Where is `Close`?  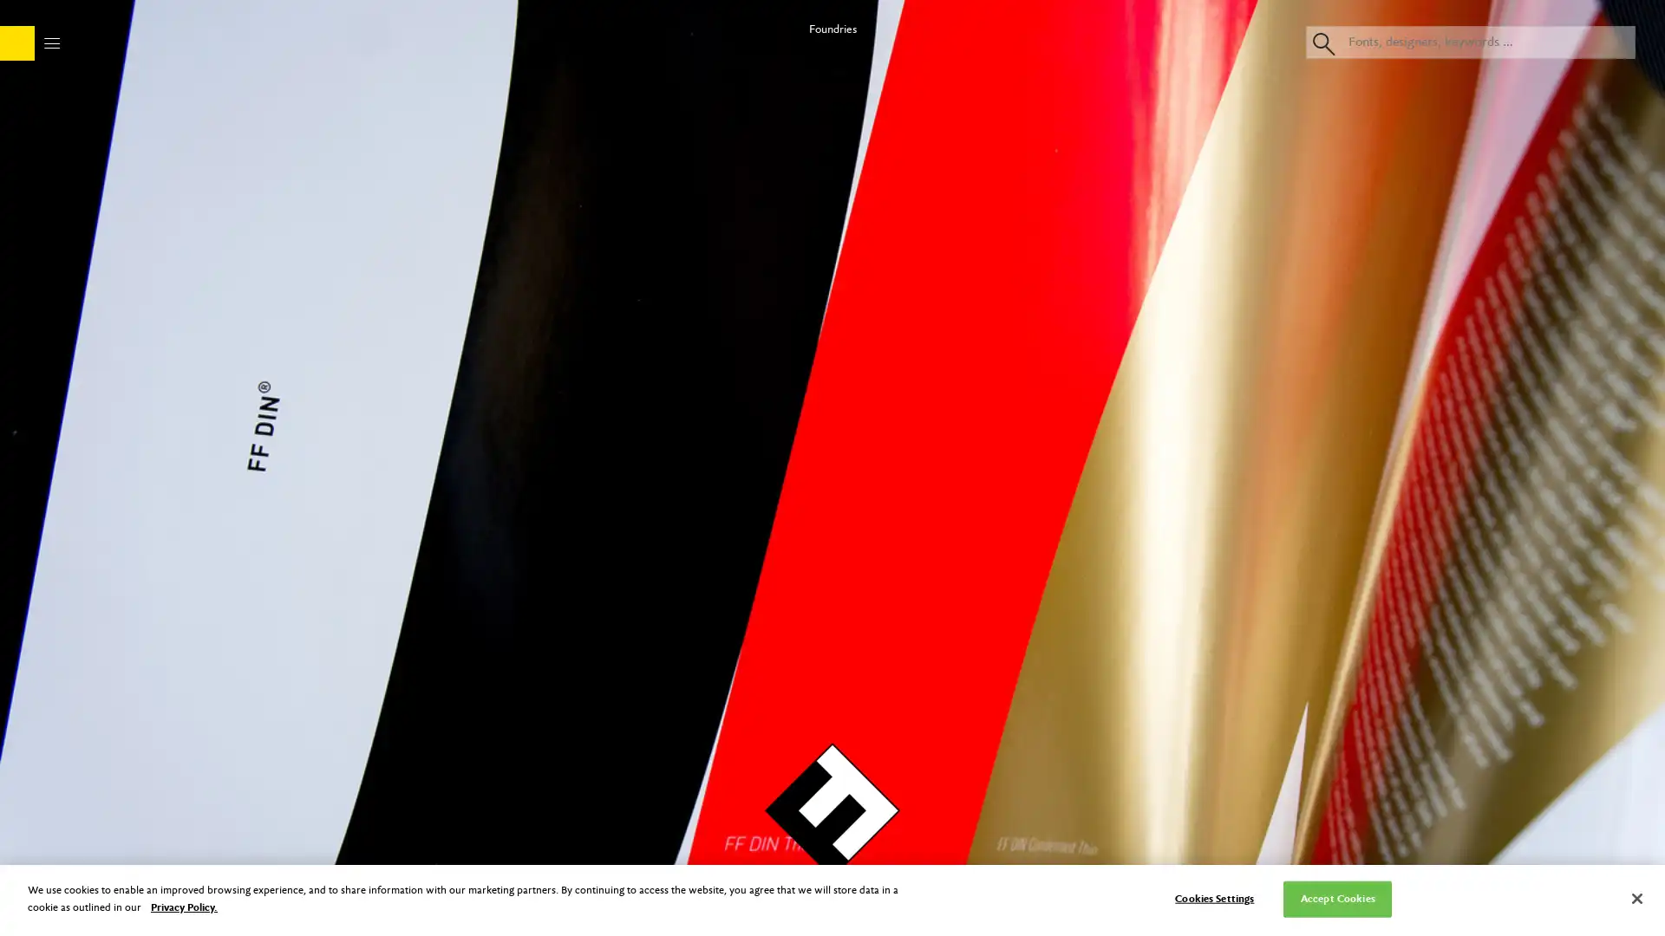 Close is located at coordinates (1636, 898).